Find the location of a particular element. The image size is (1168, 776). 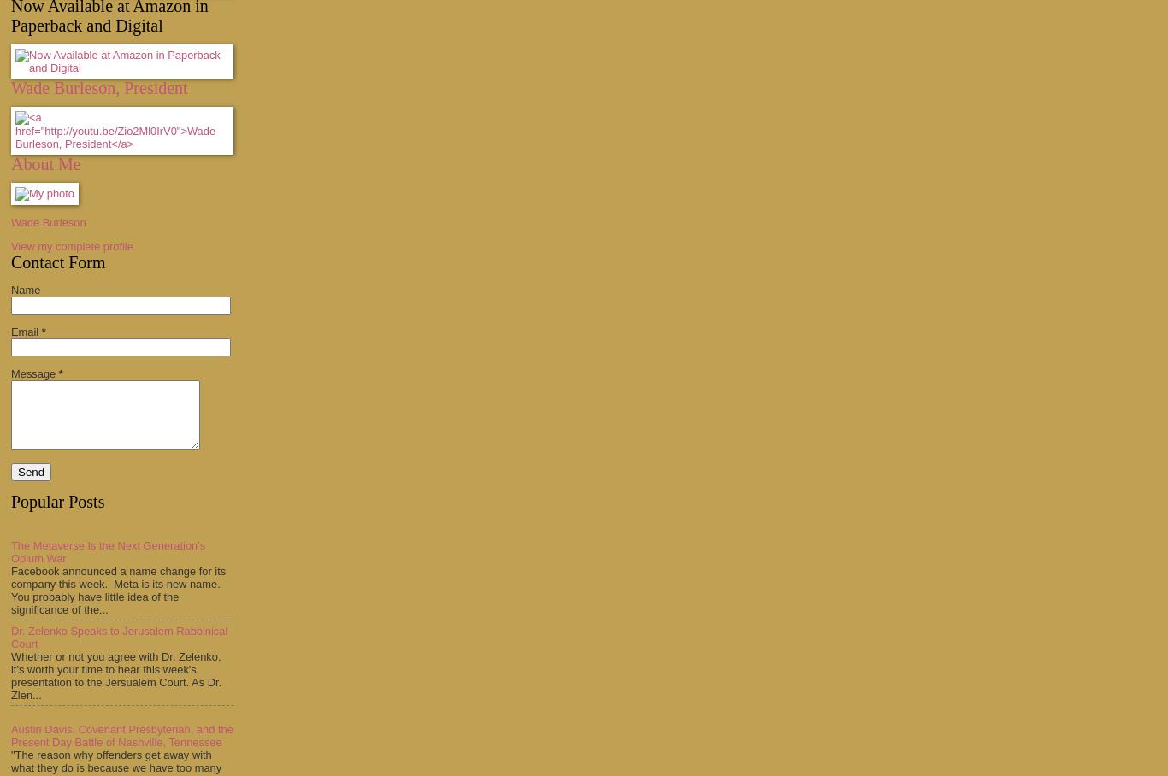

'About Me' is located at coordinates (45, 164).